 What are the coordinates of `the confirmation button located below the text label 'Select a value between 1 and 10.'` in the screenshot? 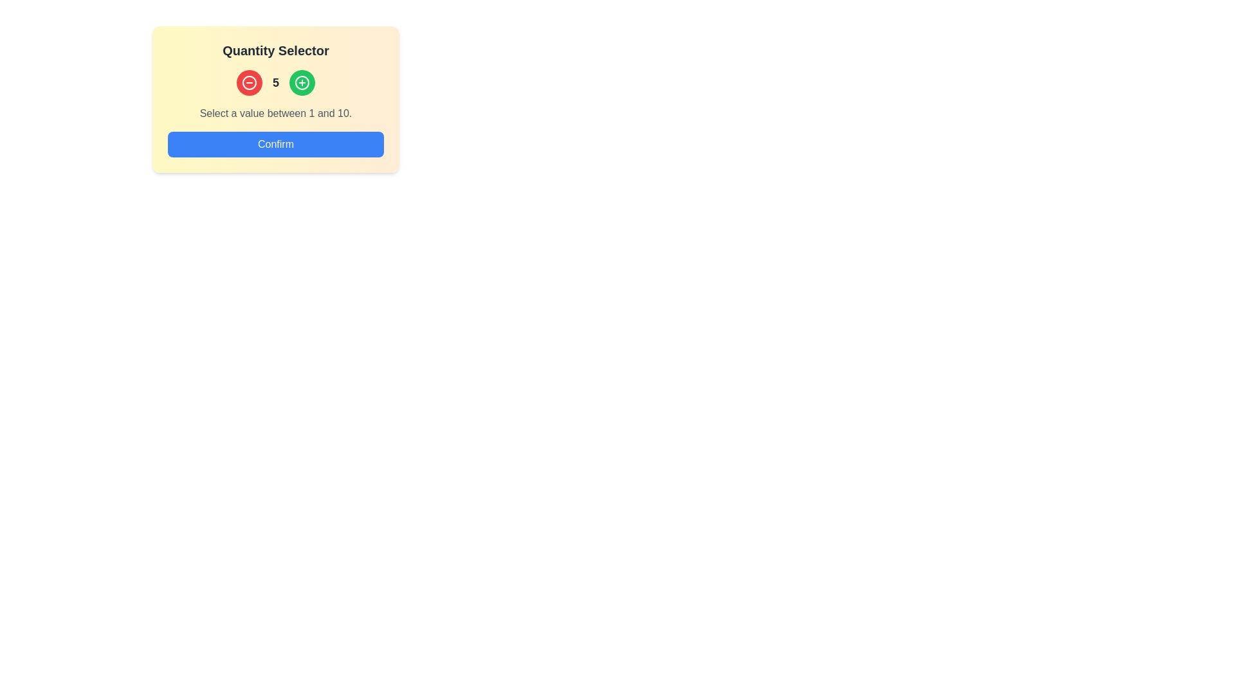 It's located at (275, 144).